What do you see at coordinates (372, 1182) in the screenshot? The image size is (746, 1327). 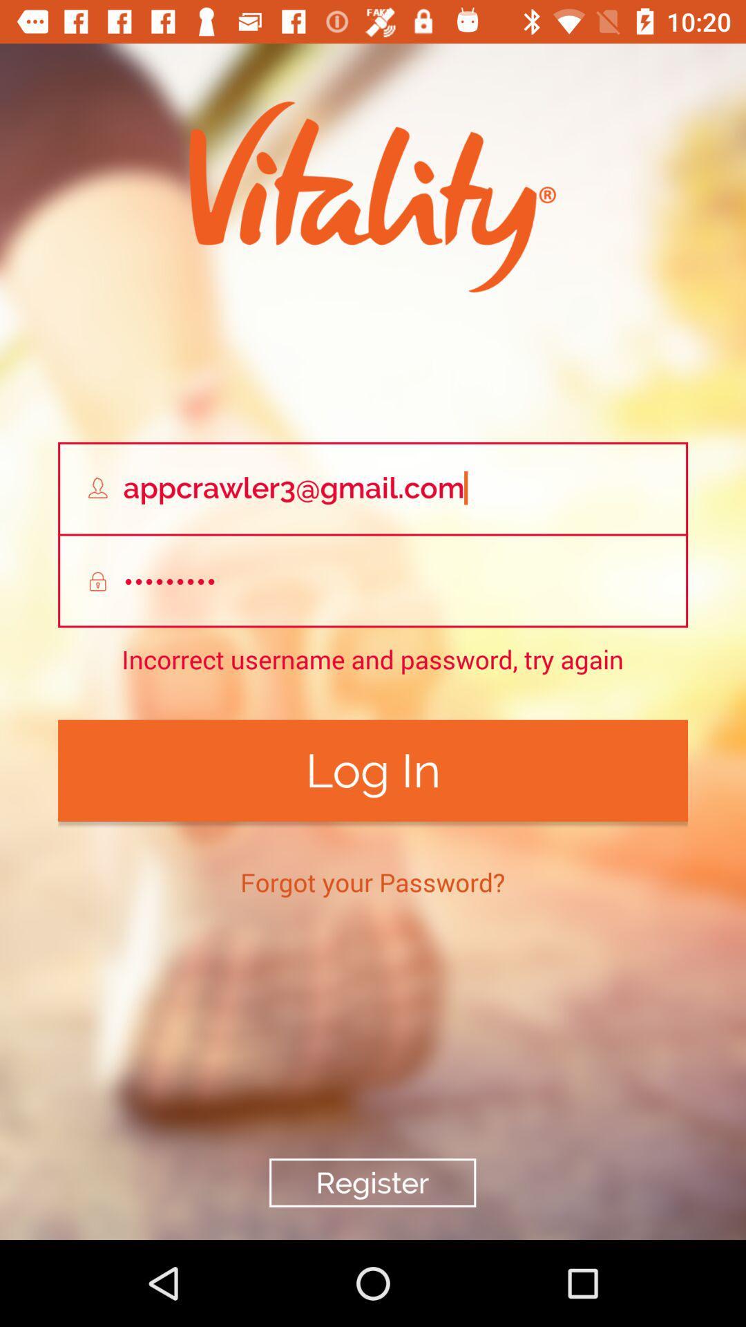 I see `the icon below forgot your password? icon` at bounding box center [372, 1182].